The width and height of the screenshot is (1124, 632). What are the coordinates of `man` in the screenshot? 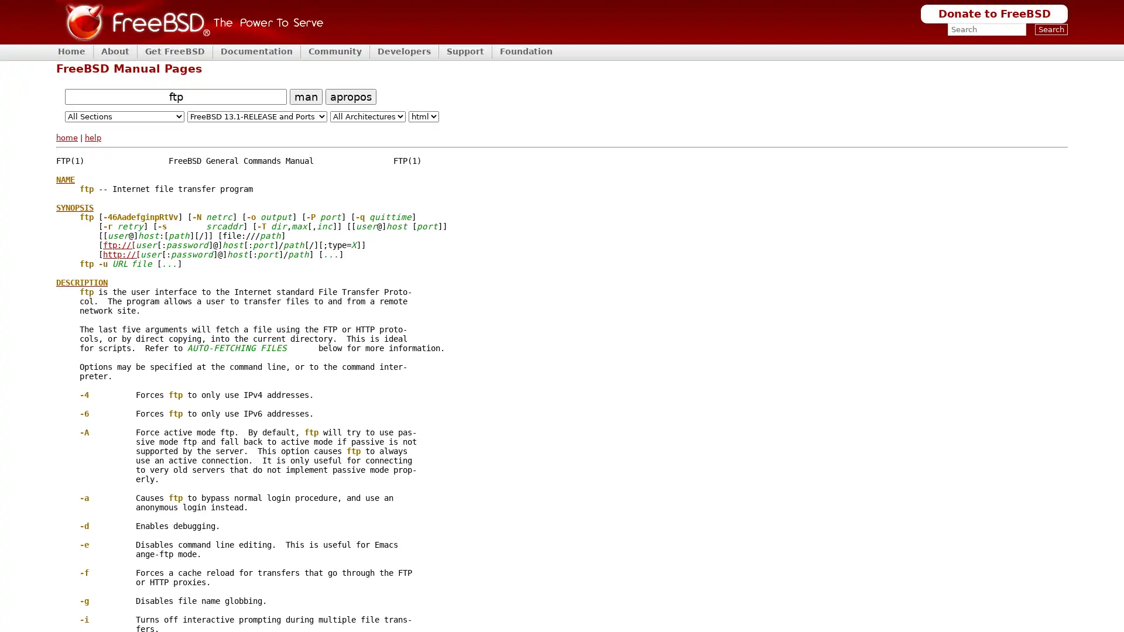 It's located at (306, 95).